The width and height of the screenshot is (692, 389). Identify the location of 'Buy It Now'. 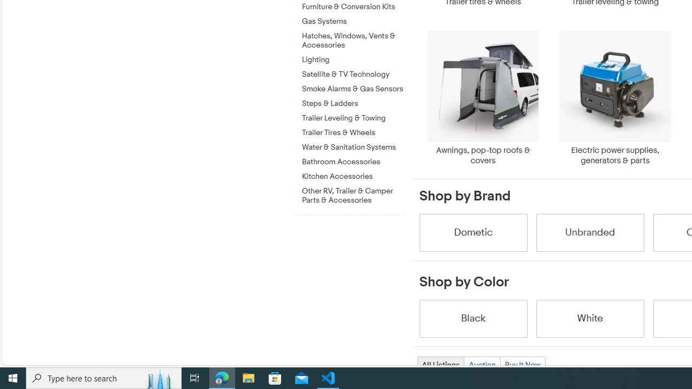
(522, 365).